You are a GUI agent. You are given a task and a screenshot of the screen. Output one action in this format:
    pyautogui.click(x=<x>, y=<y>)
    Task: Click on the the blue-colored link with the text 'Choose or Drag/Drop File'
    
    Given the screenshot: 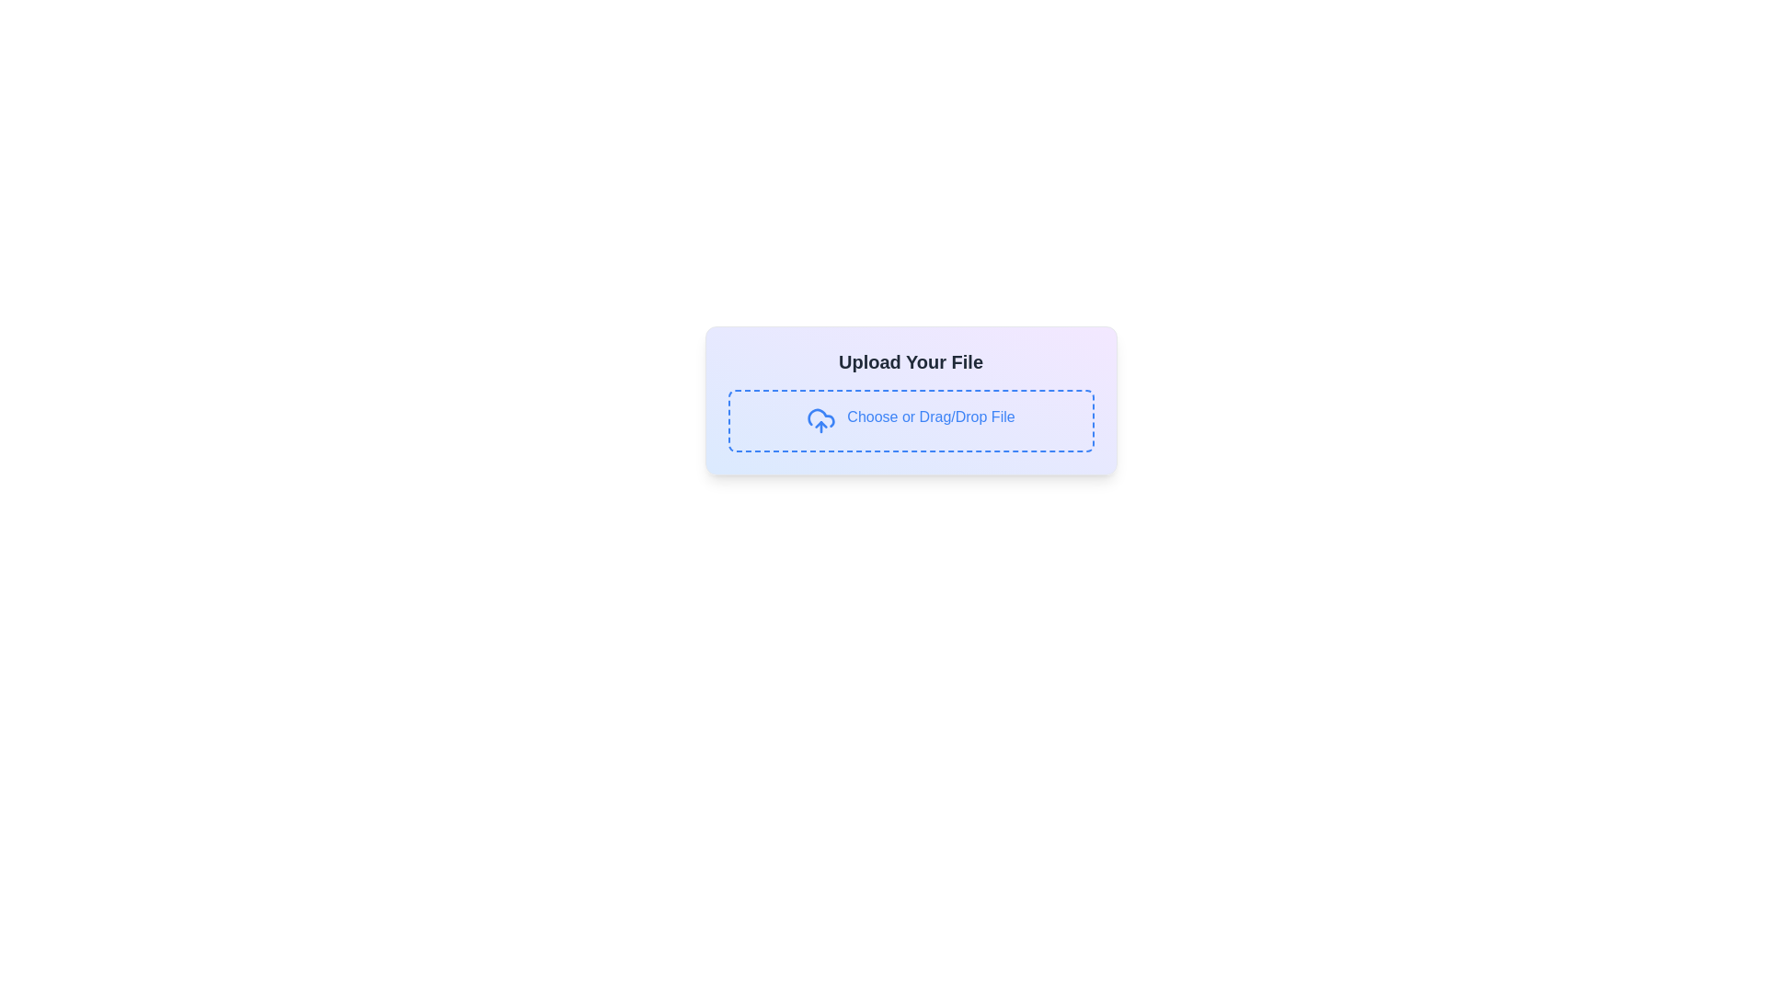 What is the action you would take?
    pyautogui.click(x=931, y=421)
    